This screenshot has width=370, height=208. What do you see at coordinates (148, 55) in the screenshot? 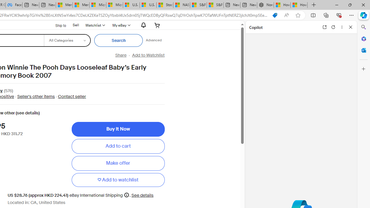
I see `'Add to Watchlist'` at bounding box center [148, 55].